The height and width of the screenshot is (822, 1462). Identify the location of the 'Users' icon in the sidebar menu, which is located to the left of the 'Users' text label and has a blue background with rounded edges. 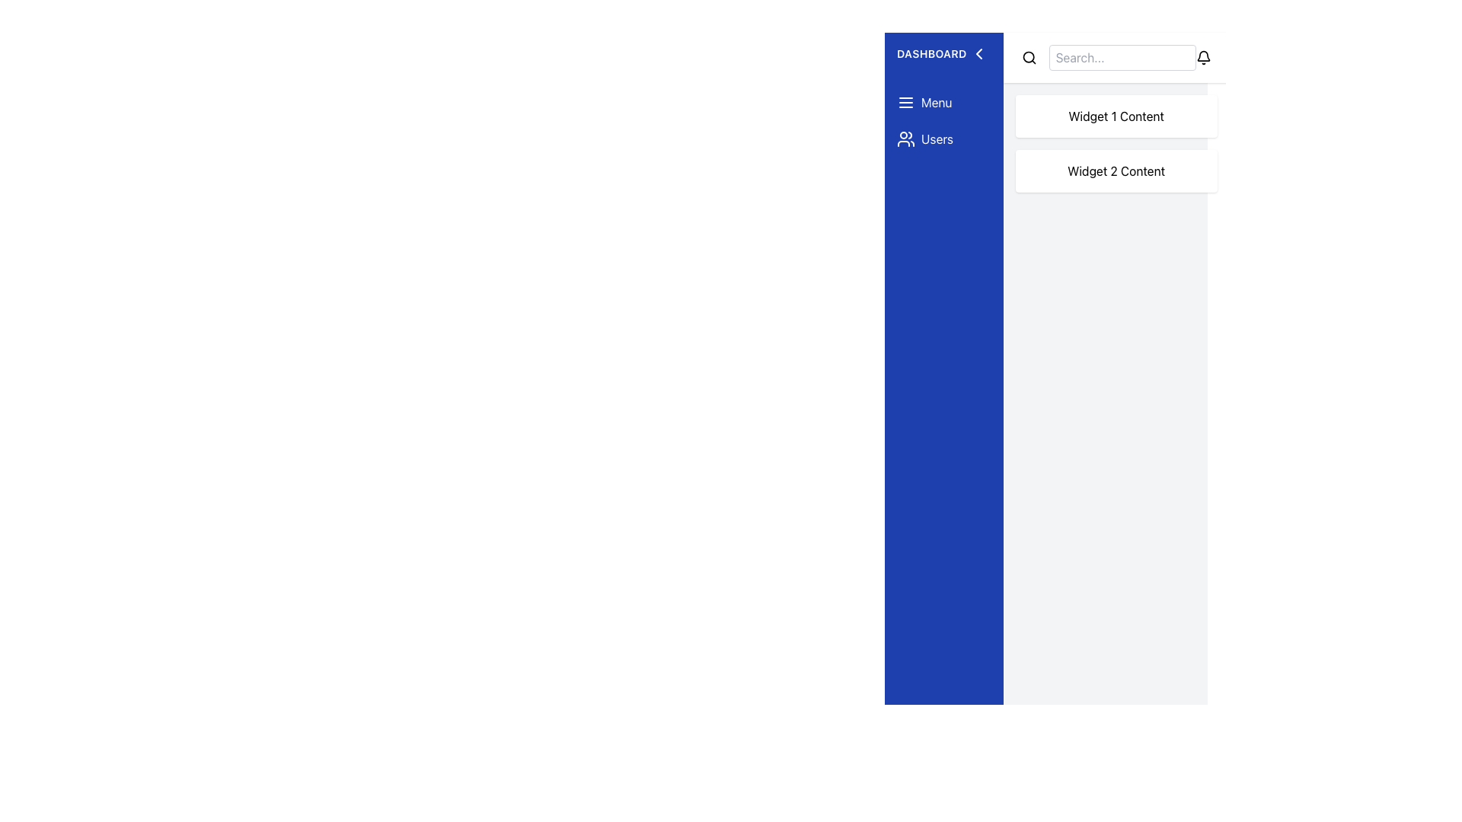
(906, 139).